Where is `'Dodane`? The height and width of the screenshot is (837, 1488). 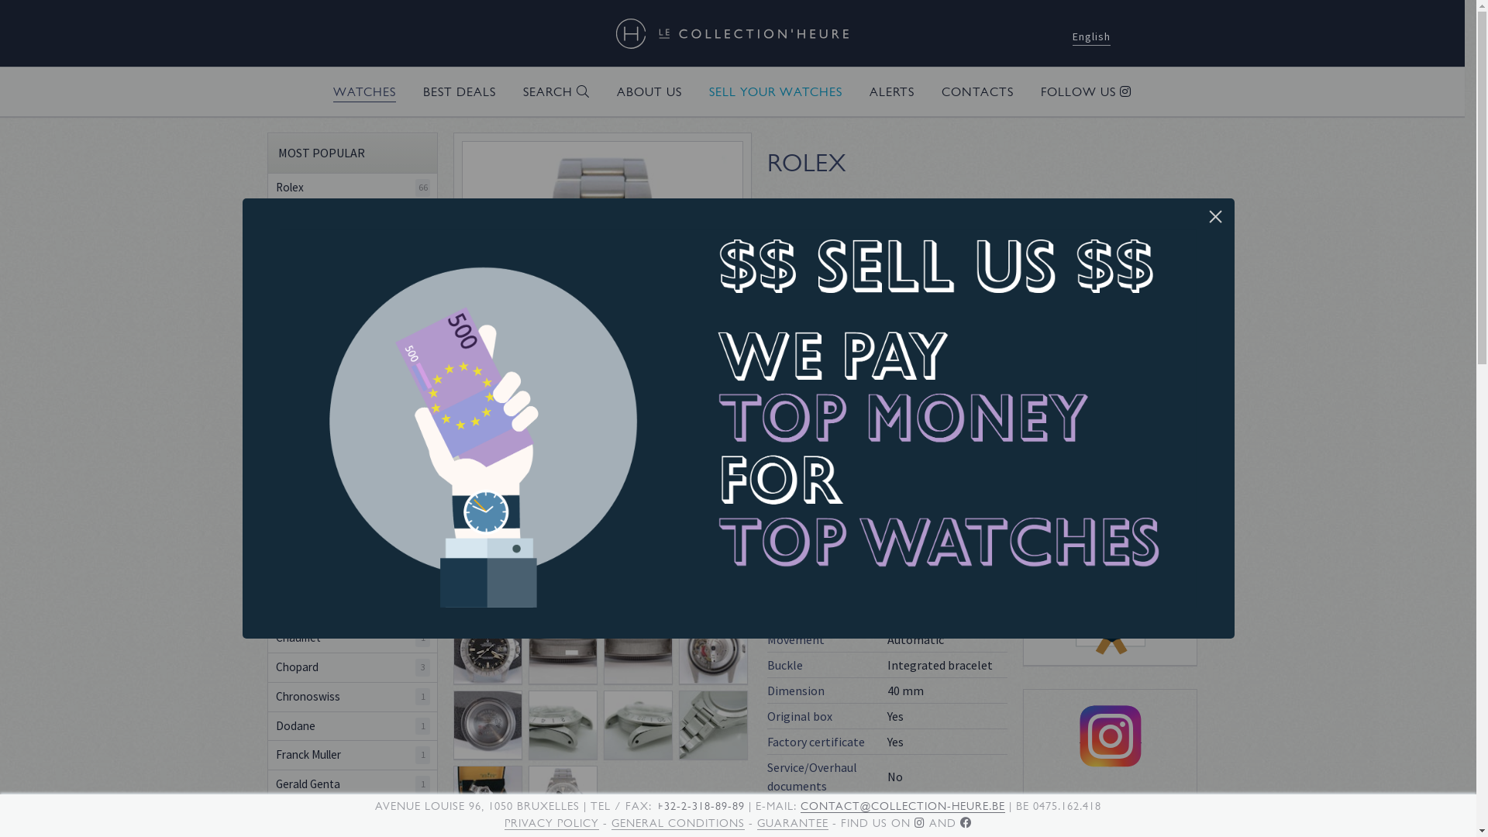 'Dodane is located at coordinates (352, 726).